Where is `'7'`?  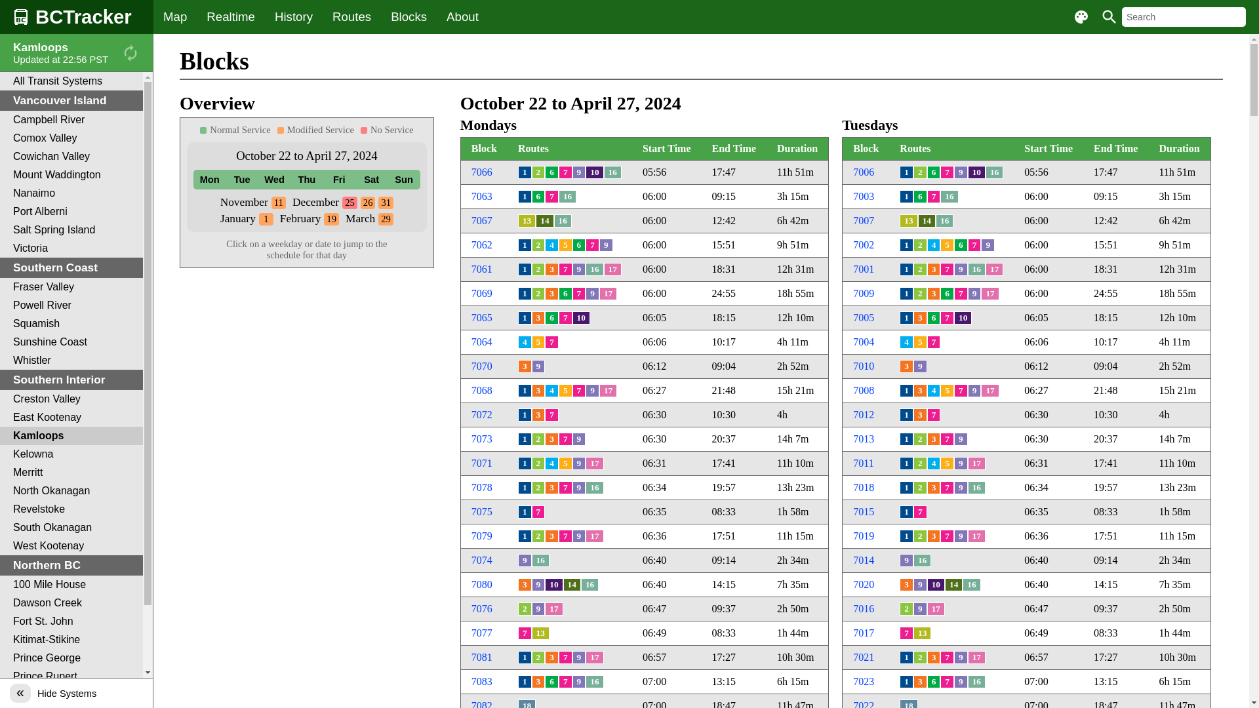 '7' is located at coordinates (906, 632).